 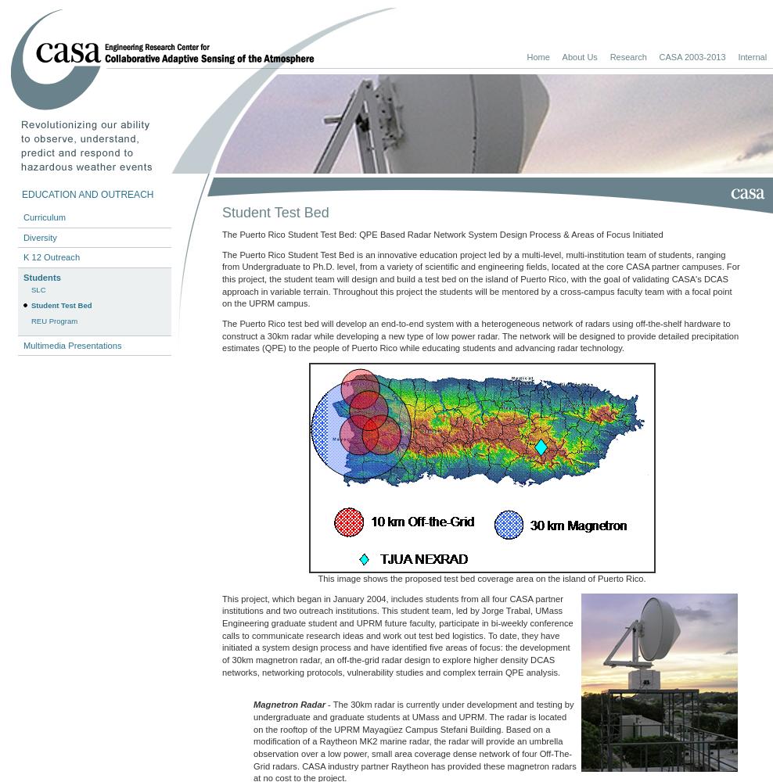 I want to click on 'Magnetron Radar', so click(x=253, y=705).